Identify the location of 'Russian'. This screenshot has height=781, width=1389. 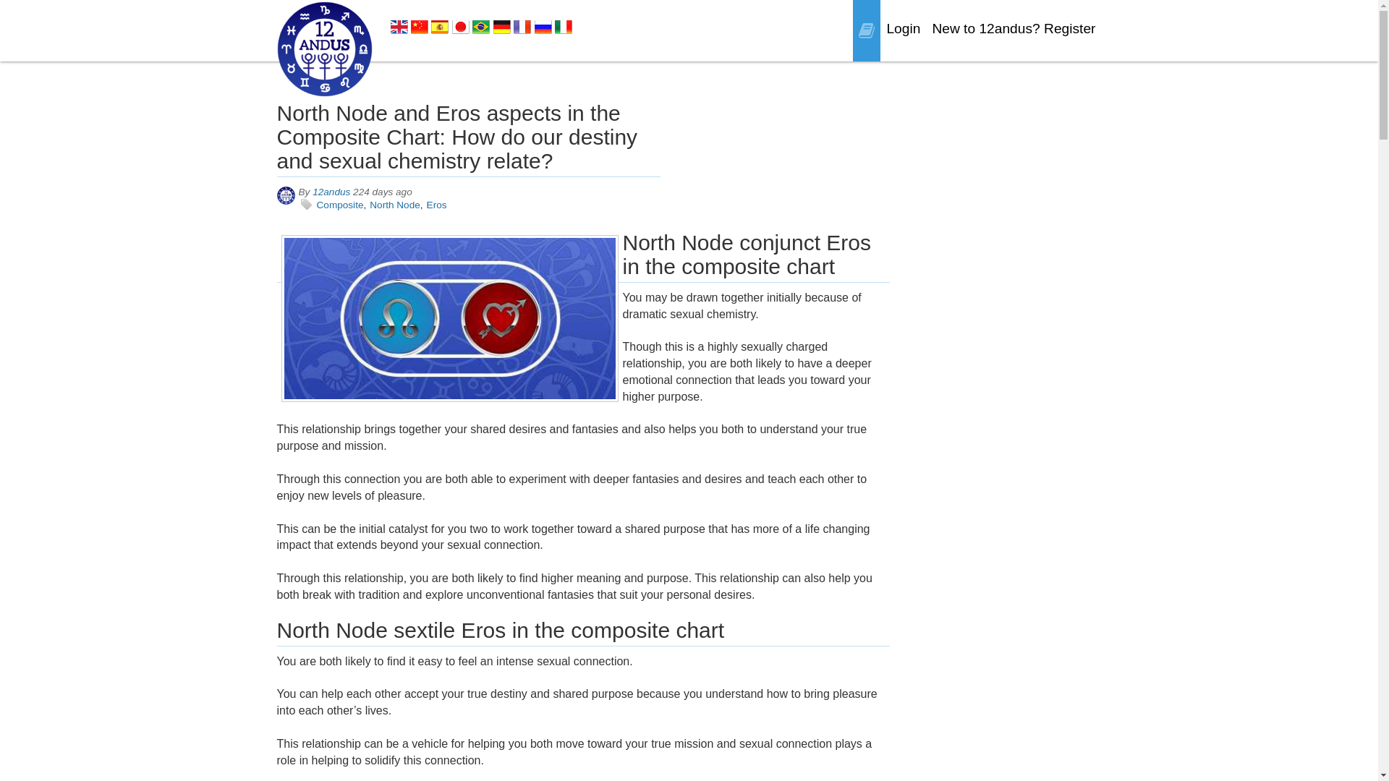
(542, 25).